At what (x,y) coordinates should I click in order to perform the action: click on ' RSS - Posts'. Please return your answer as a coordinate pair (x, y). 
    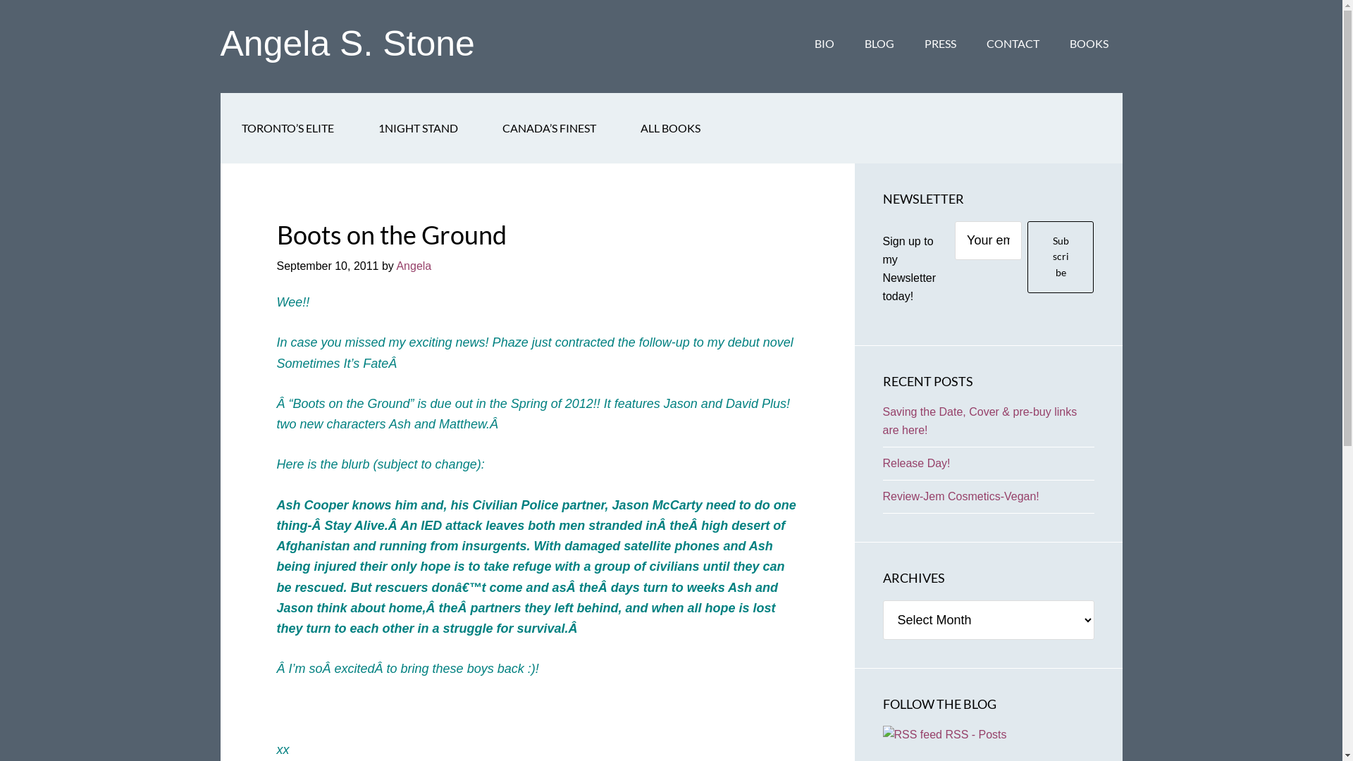
    Looking at the image, I should click on (944, 734).